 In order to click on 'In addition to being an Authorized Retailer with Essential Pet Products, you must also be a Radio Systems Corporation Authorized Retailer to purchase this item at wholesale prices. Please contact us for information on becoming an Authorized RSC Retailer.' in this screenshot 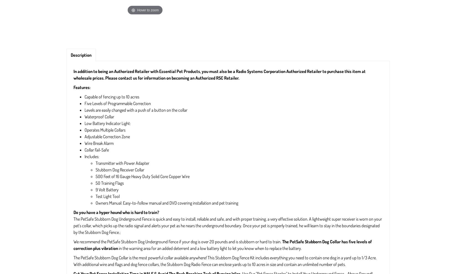, I will do `click(73, 75)`.